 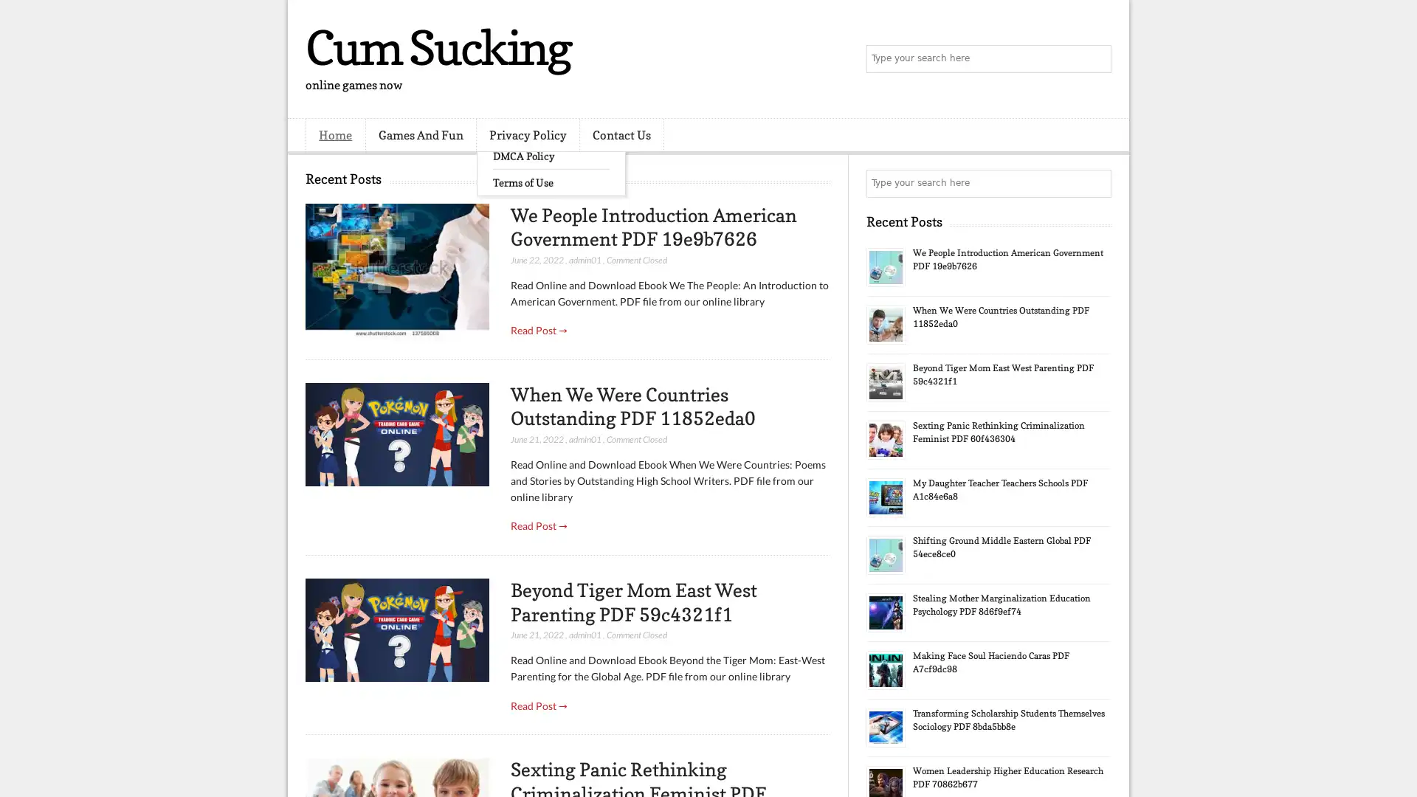 What do you see at coordinates (1096, 59) in the screenshot?
I see `Search` at bounding box center [1096, 59].